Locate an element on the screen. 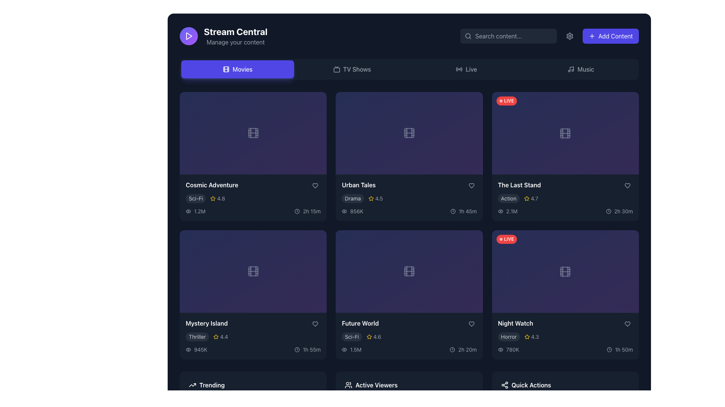  the small circular gray button with a hollow heart shape to trigger a visual effect is located at coordinates (471, 324).